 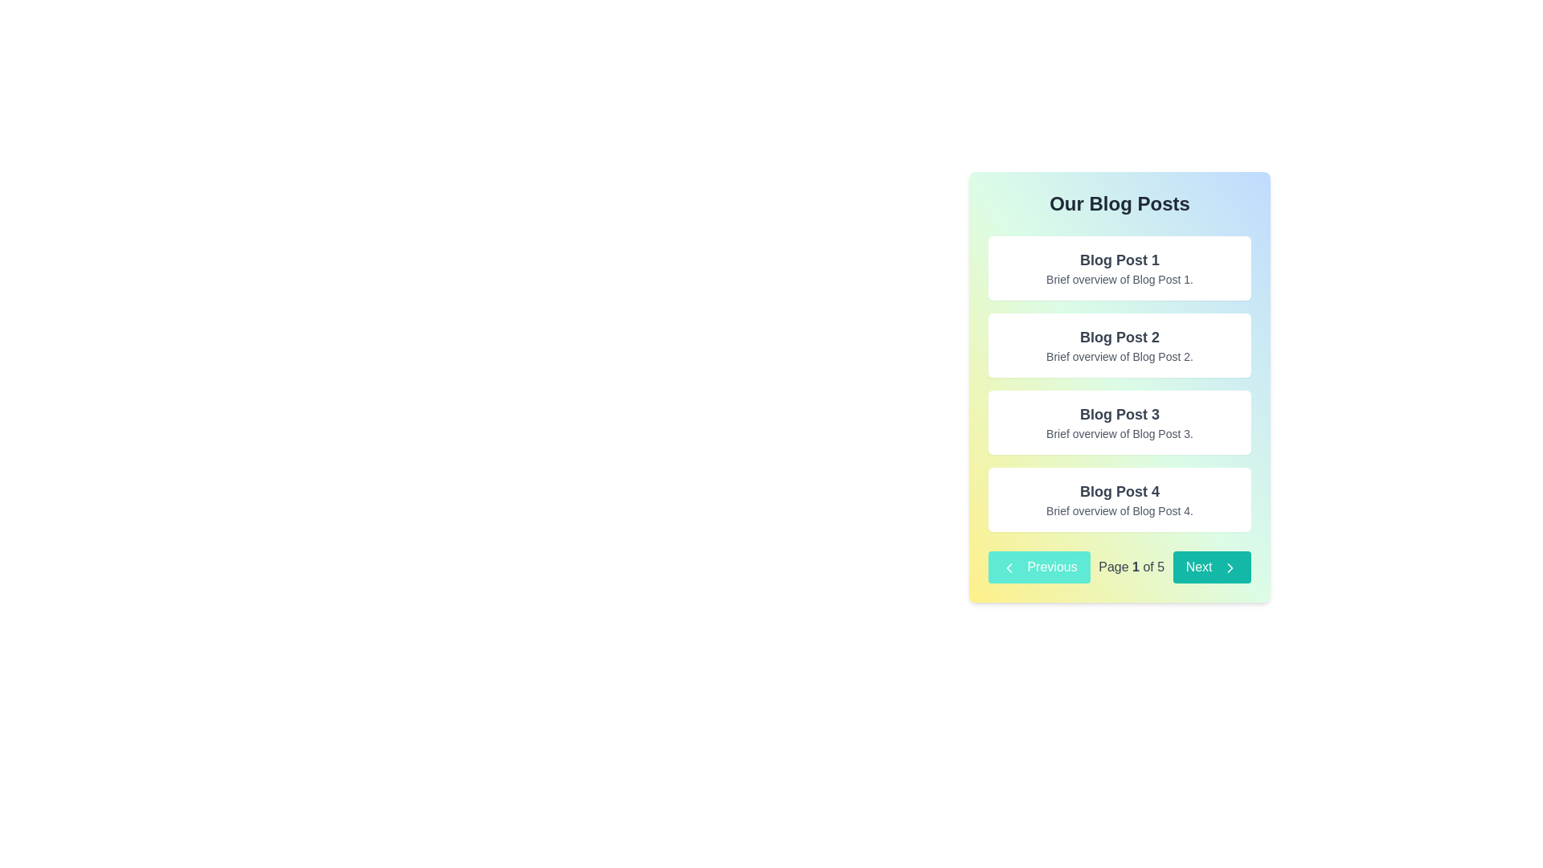 What do you see at coordinates (1135, 566) in the screenshot?
I see `the current page number displayed` at bounding box center [1135, 566].